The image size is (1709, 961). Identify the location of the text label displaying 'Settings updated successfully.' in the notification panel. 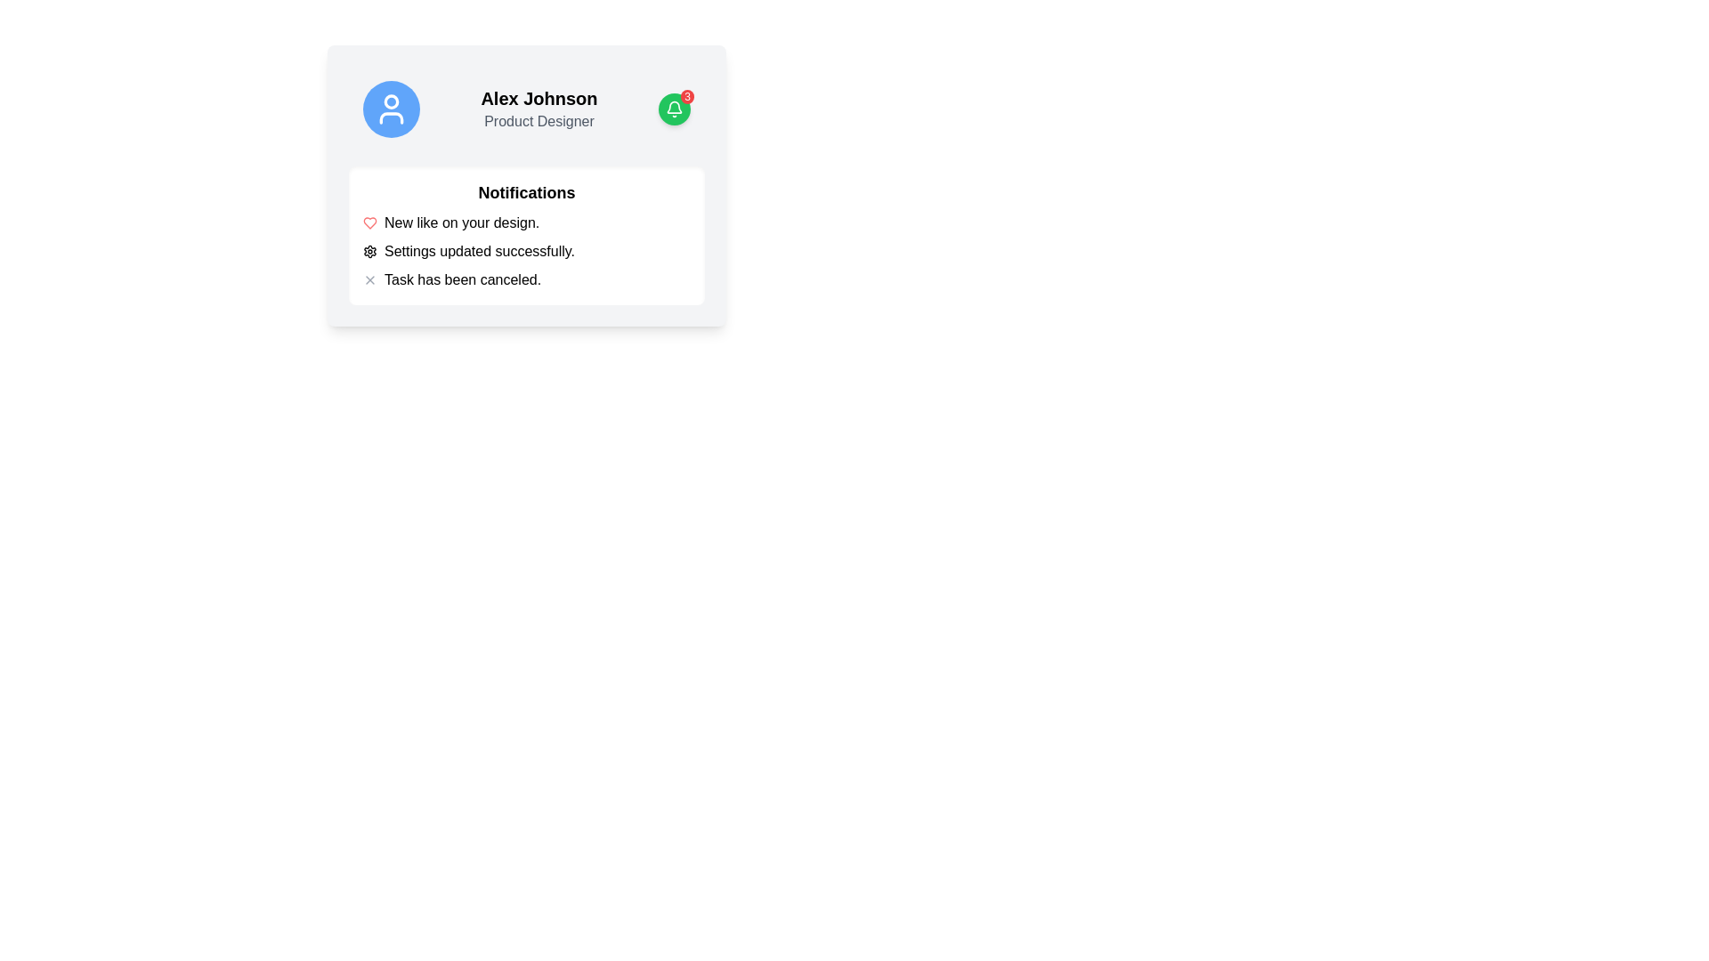
(479, 251).